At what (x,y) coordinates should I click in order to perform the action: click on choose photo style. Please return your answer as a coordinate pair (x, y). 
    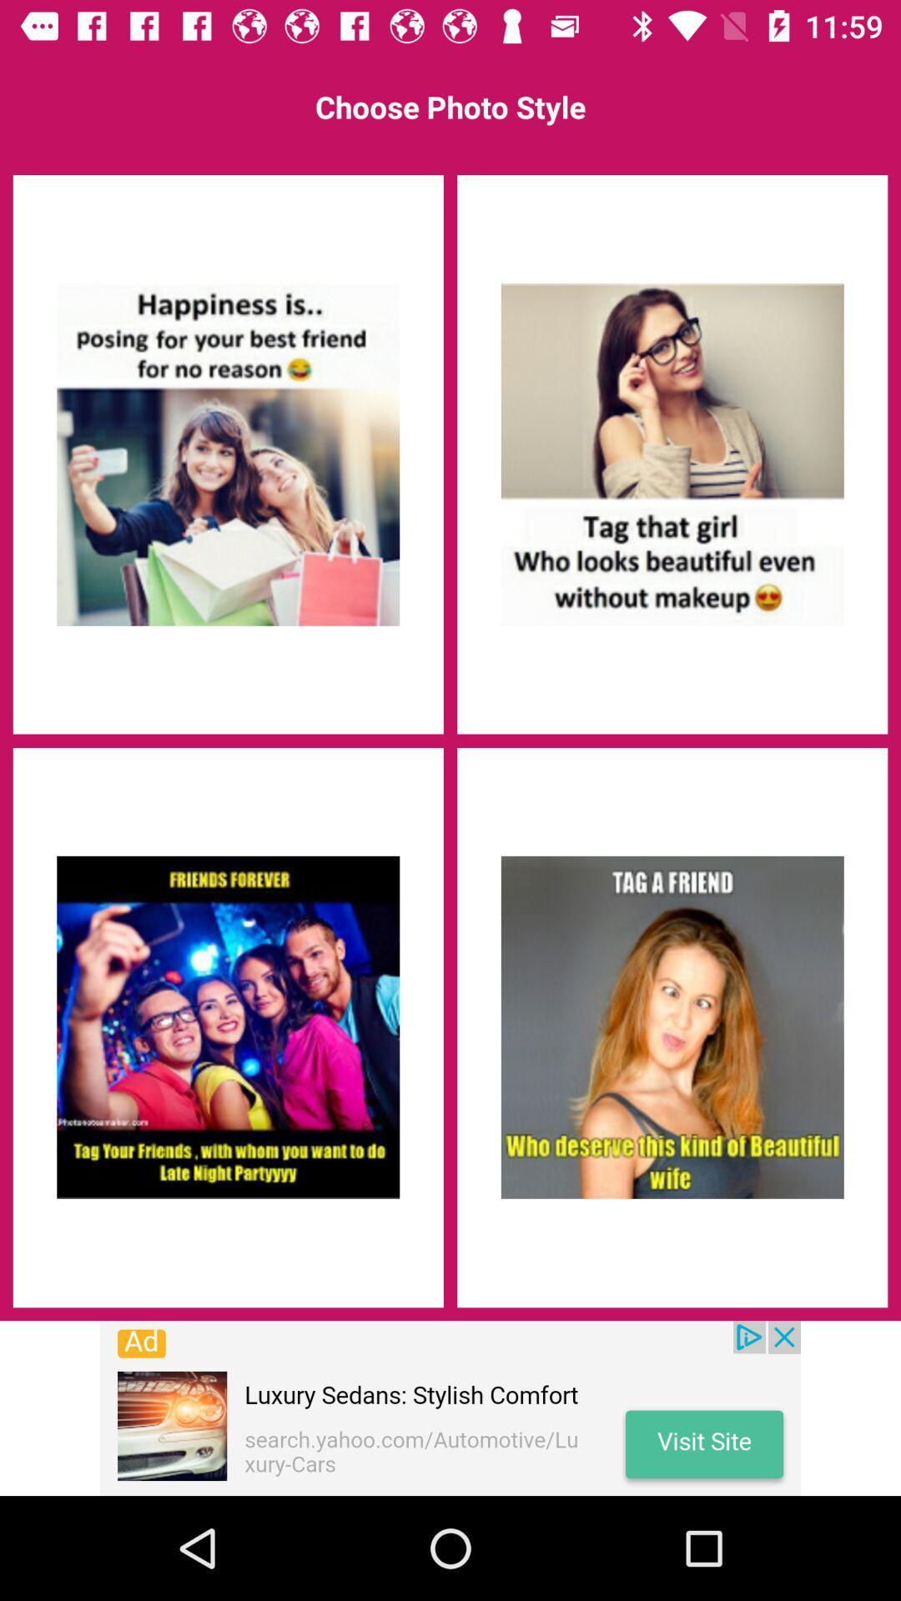
    Looking at the image, I should click on (228, 1026).